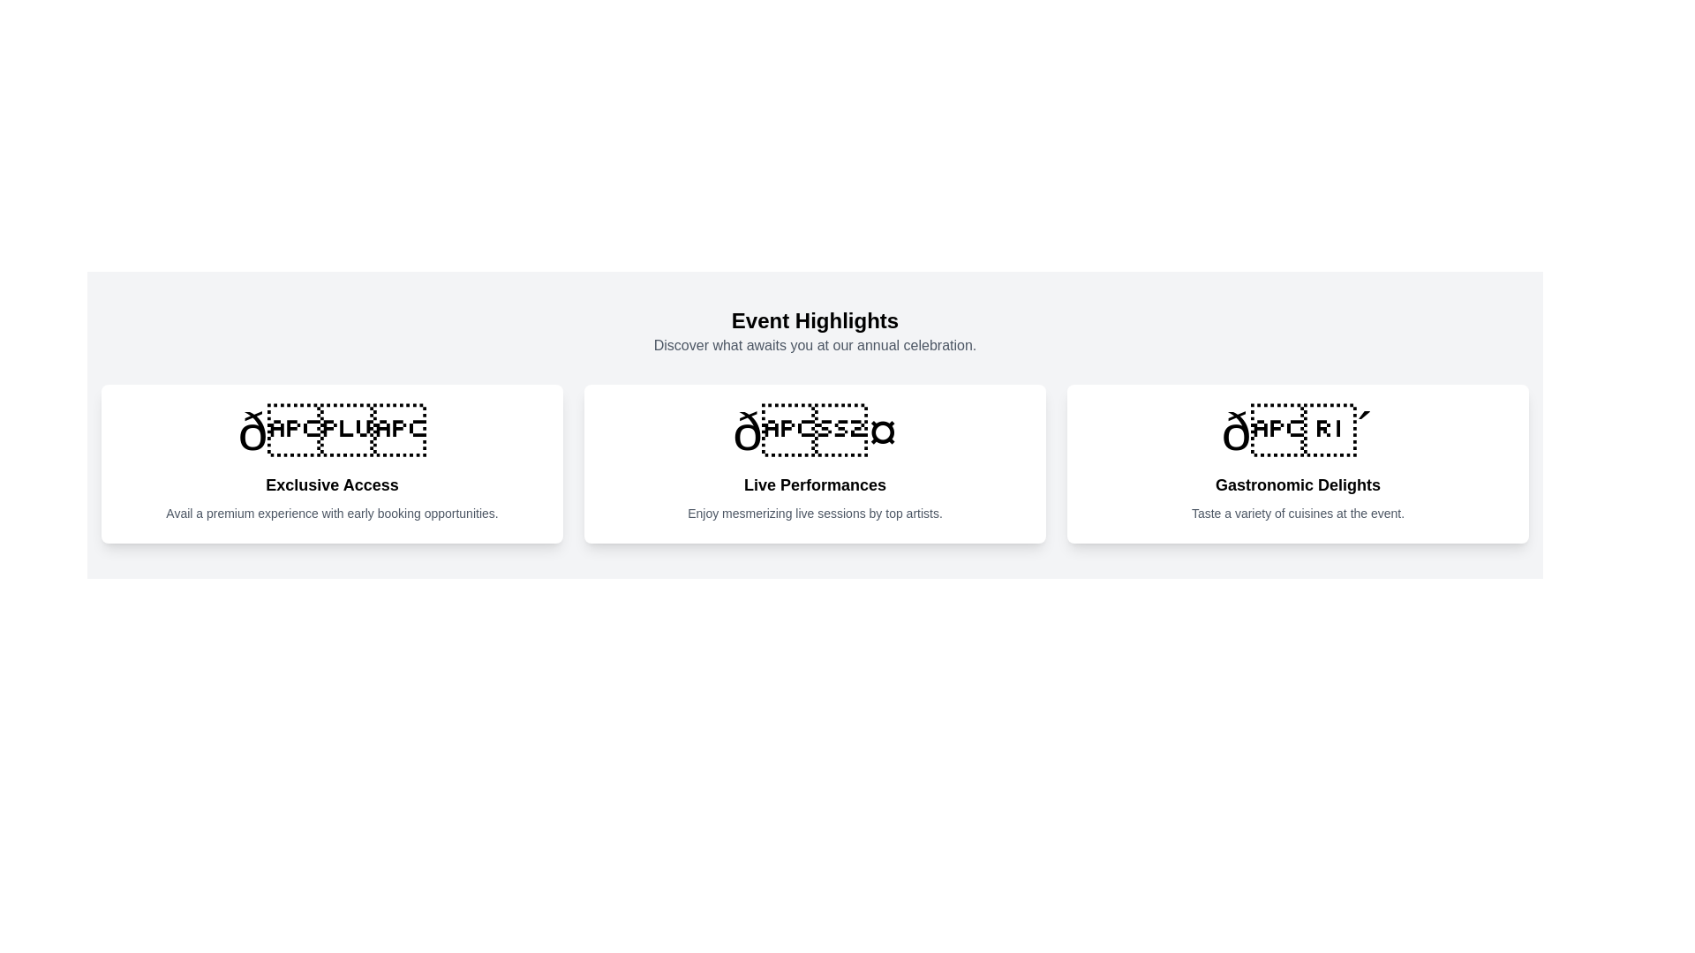 The height and width of the screenshot is (953, 1695). I want to click on the static text element that reads 'Discover what awaits you at our annual celebration.' located beneath the 'Event Highlights' title, so click(814, 346).